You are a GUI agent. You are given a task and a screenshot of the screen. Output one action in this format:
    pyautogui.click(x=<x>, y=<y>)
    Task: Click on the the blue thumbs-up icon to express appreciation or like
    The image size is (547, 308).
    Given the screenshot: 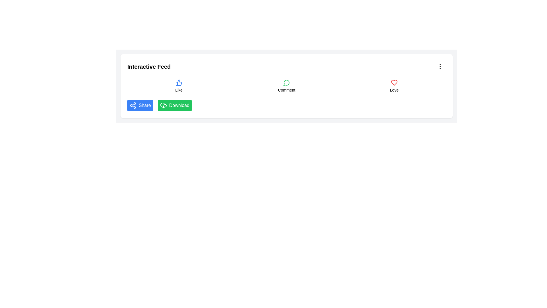 What is the action you would take?
    pyautogui.click(x=179, y=82)
    